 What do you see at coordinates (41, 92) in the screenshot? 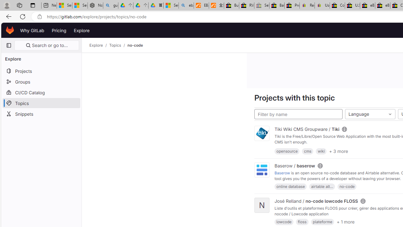
I see `'CI/CD Catalog'` at bounding box center [41, 92].